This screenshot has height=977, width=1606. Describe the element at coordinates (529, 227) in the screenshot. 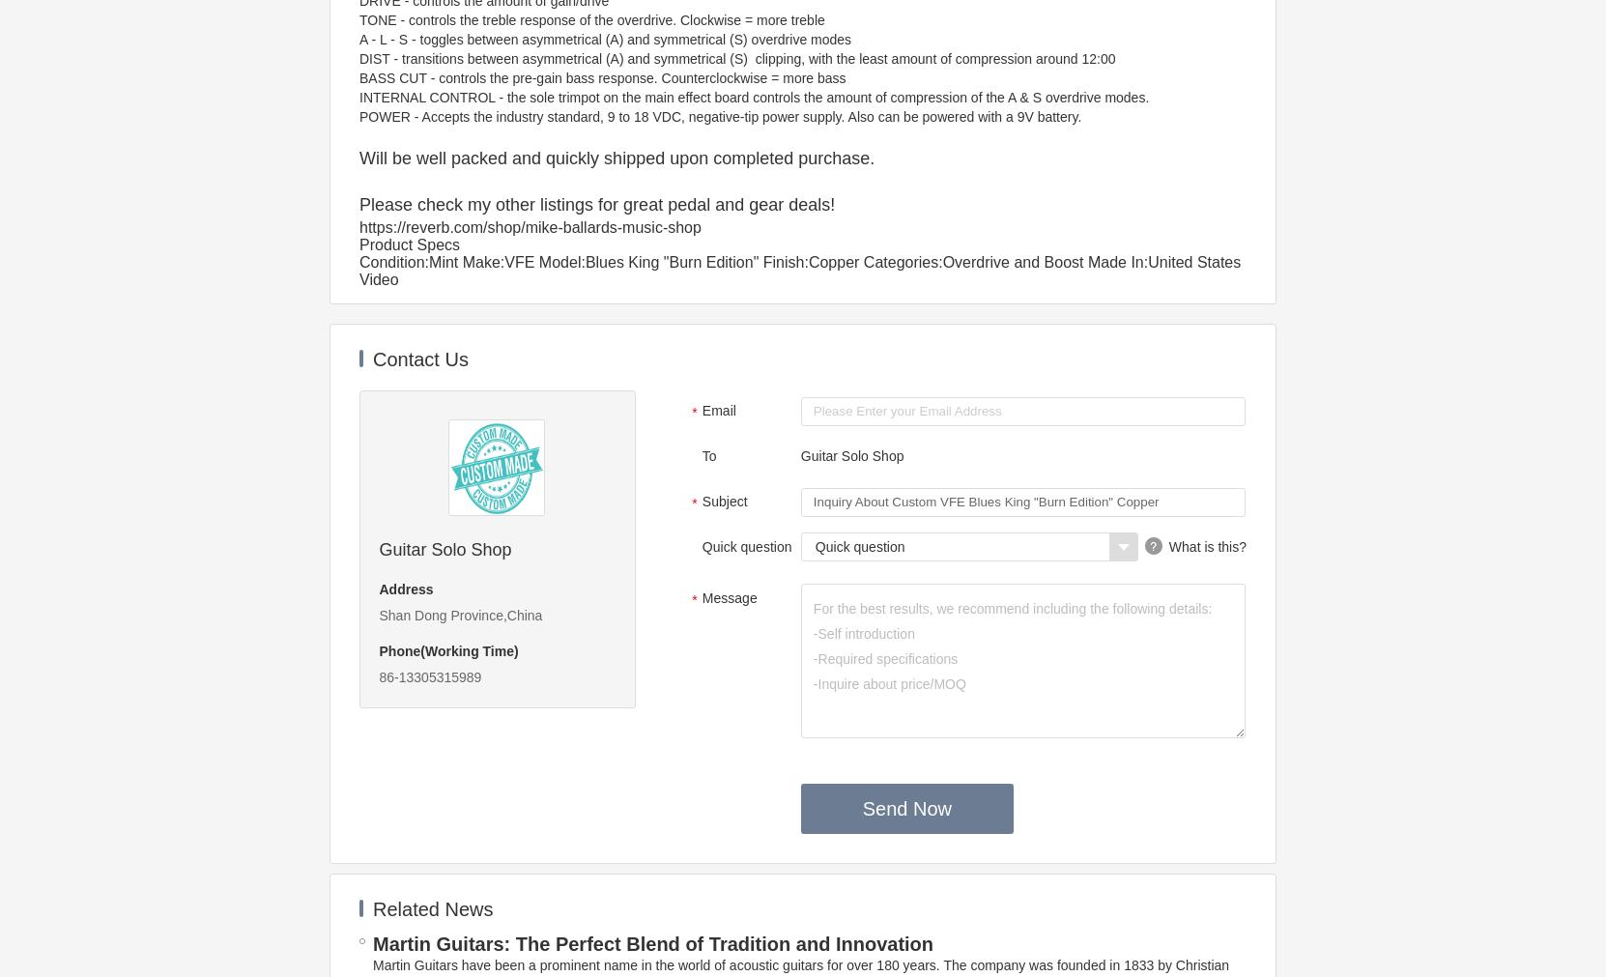

I see `'https://reverb.com/shop/mike-ballards-music-shop'` at that location.